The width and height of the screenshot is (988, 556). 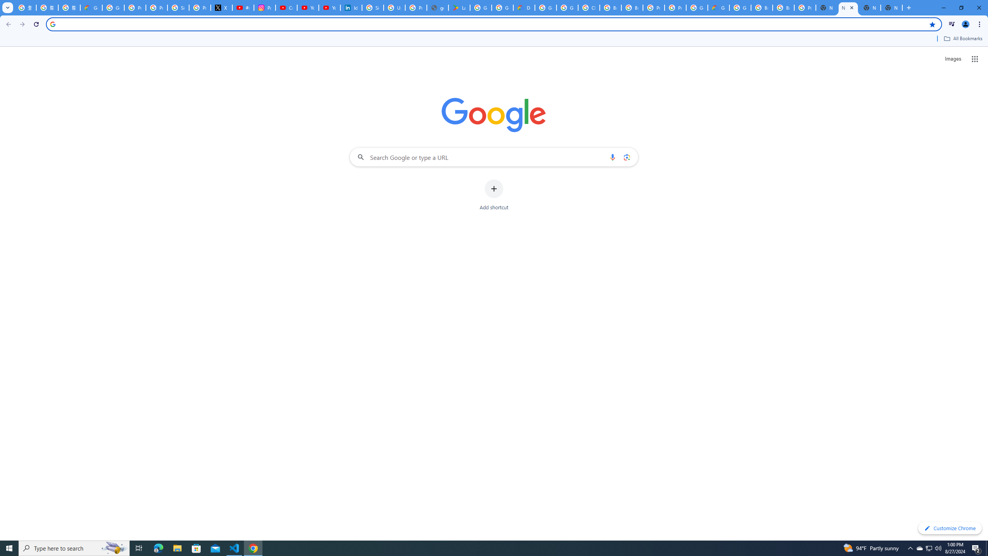 What do you see at coordinates (459, 7) in the screenshot?
I see `'Last Shelter: Survival - Apps on Google Play'` at bounding box center [459, 7].